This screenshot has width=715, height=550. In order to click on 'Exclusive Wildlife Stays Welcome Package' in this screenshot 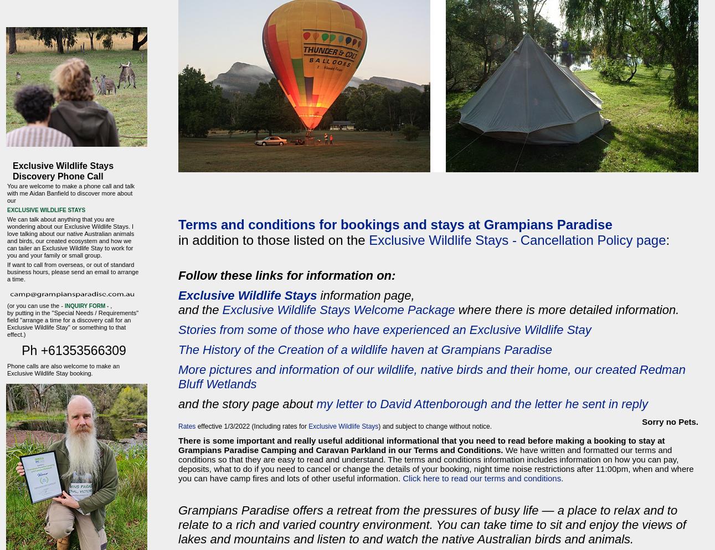, I will do `click(338, 309)`.